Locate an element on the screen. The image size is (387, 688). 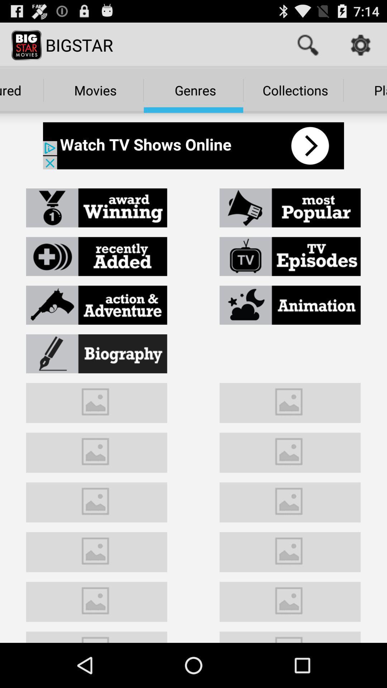
movies which is below bigstar is located at coordinates (93, 90).